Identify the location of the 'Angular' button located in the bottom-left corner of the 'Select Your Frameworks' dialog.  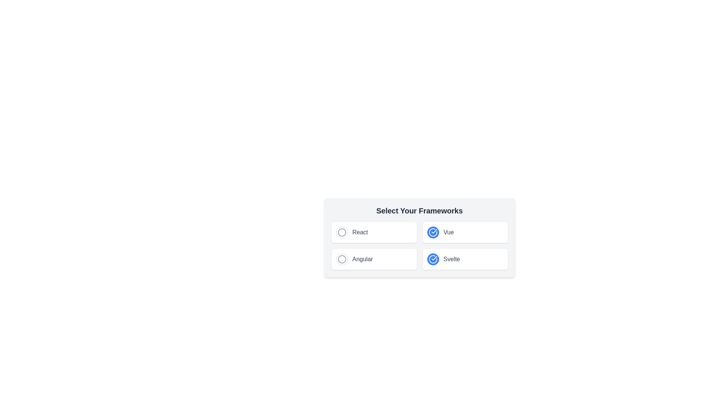
(341, 259).